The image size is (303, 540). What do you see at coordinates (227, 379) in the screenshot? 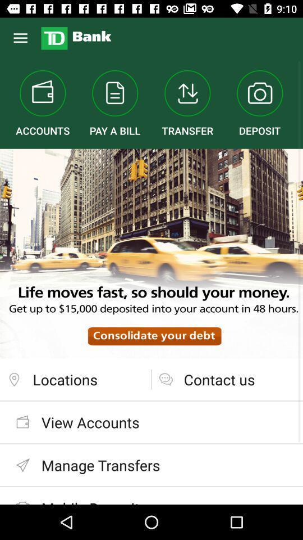
I see `the contact us at the bottom right corner` at bounding box center [227, 379].